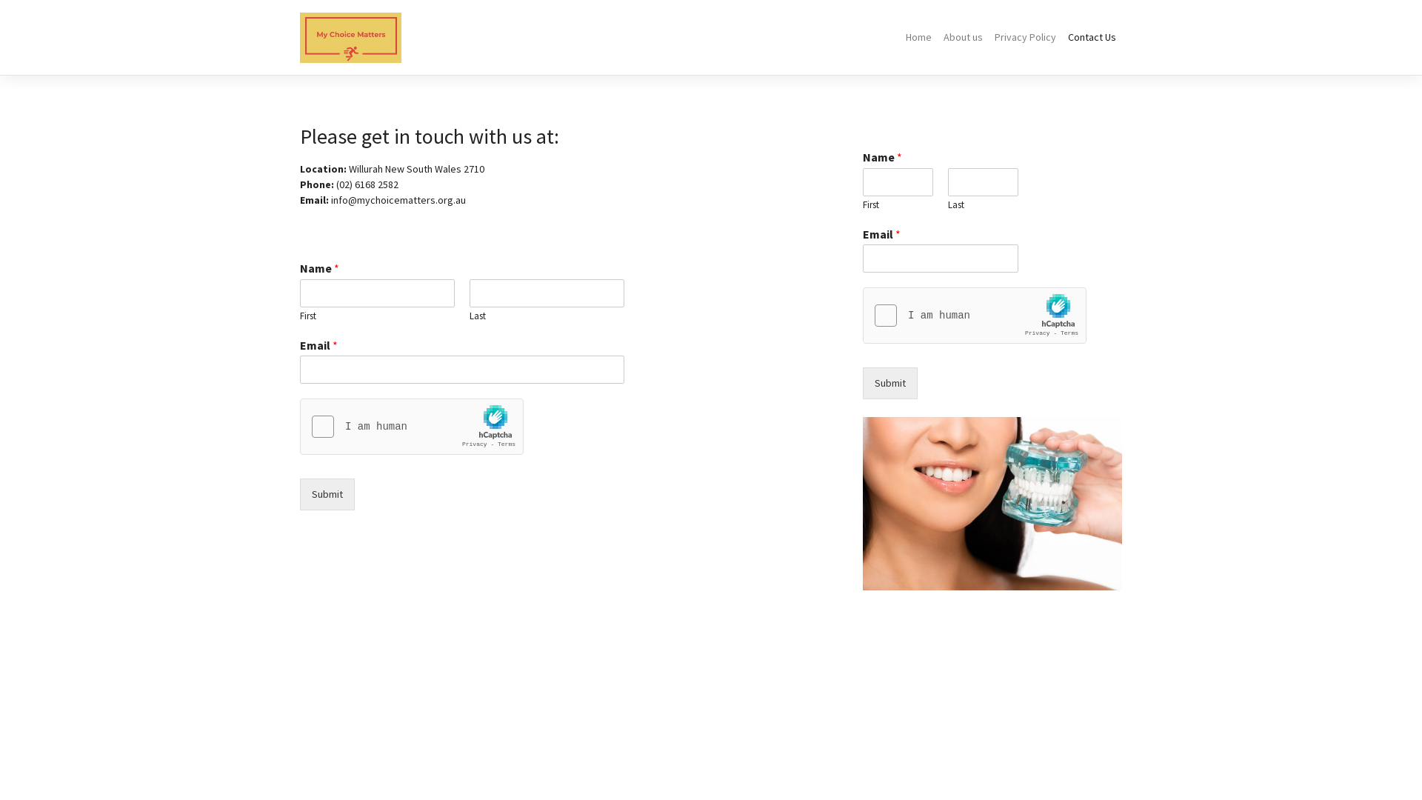  I want to click on 'Contact Us', so click(1092, 36).